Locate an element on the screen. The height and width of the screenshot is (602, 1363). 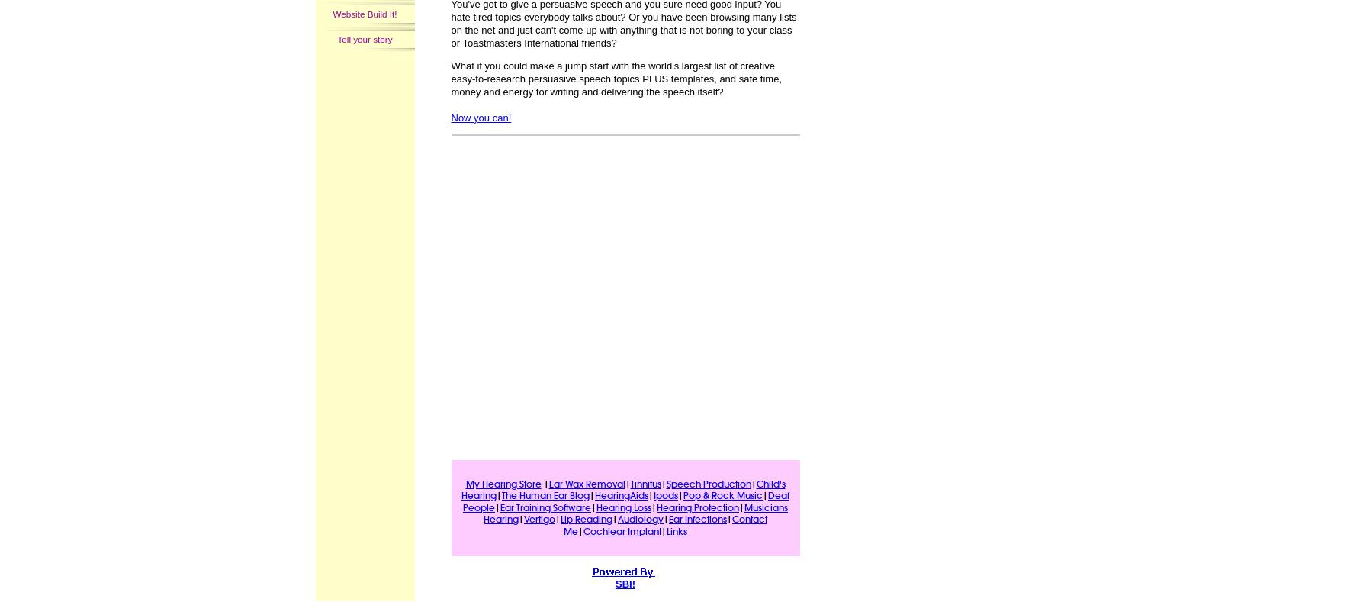
'SBI!' is located at coordinates (625, 583).